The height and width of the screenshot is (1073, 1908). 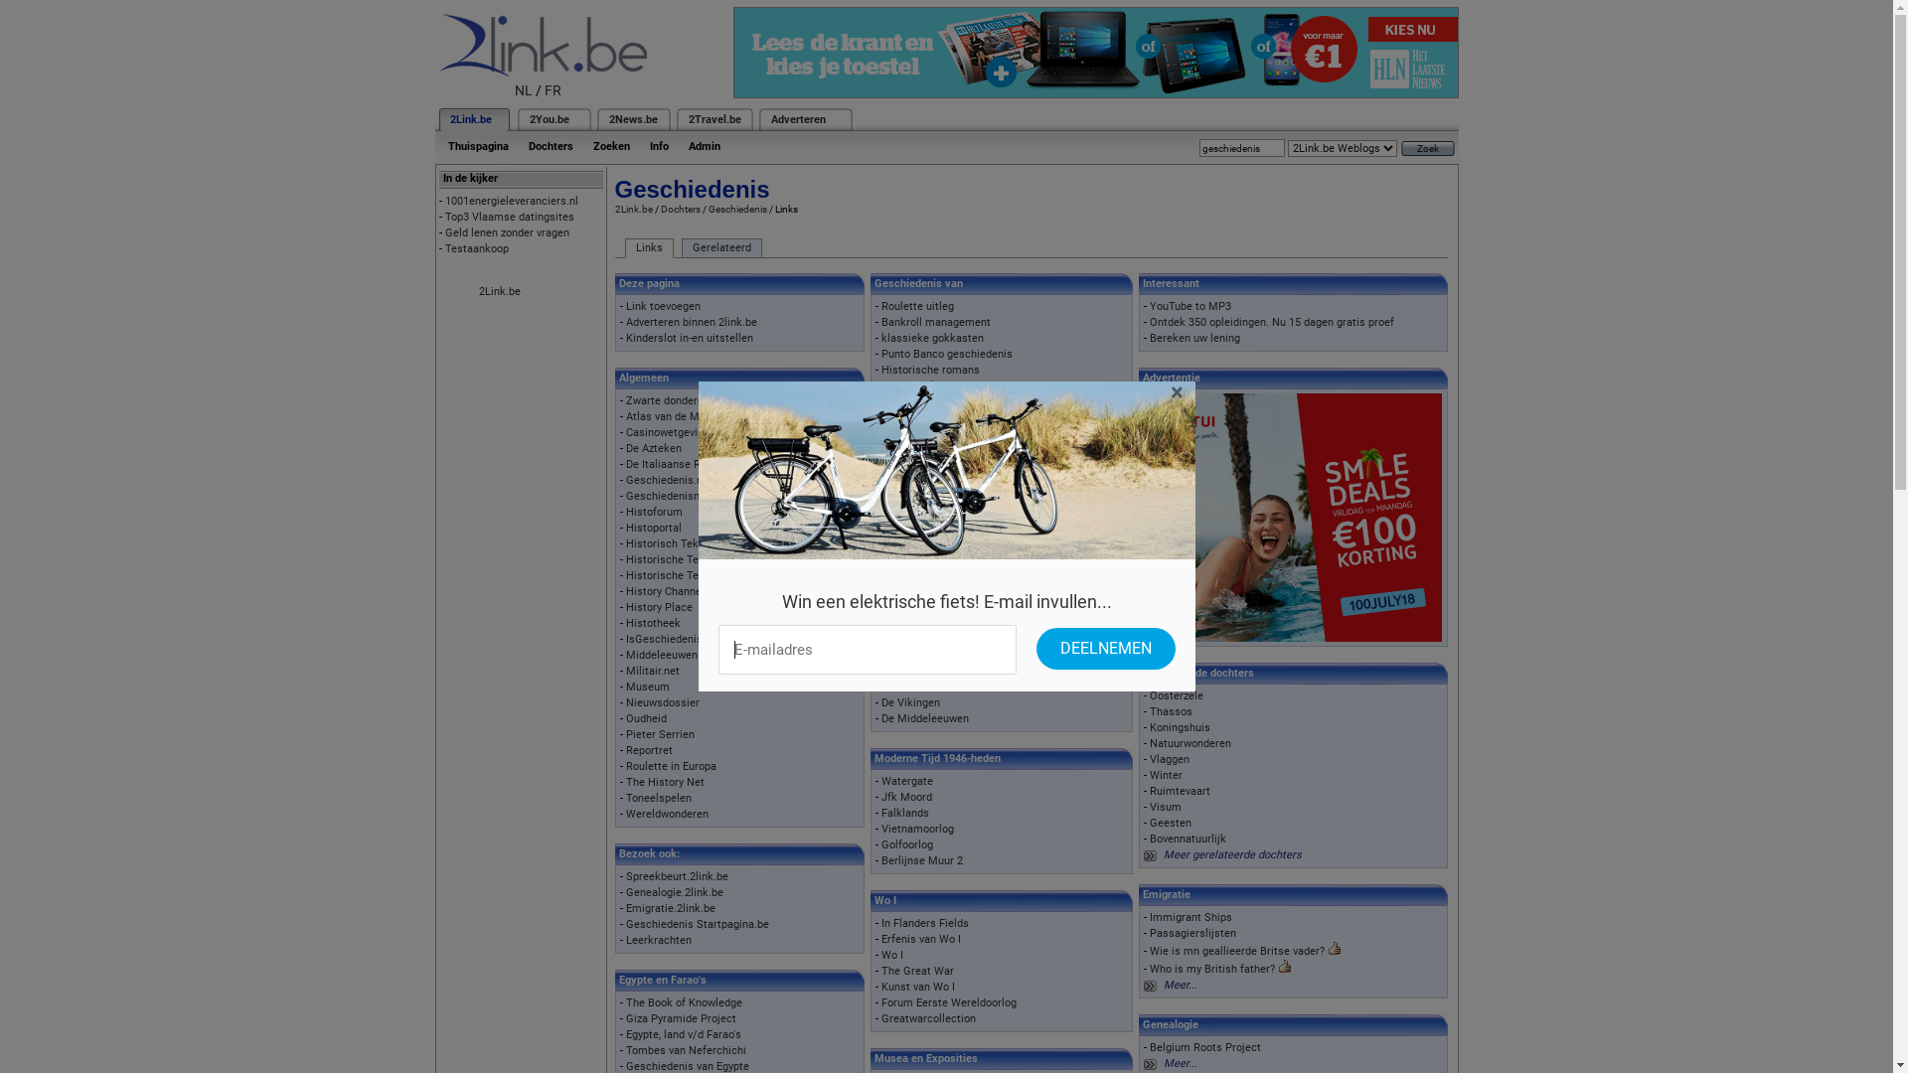 What do you see at coordinates (511, 201) in the screenshot?
I see `'1001energieleveranciers.nl'` at bounding box center [511, 201].